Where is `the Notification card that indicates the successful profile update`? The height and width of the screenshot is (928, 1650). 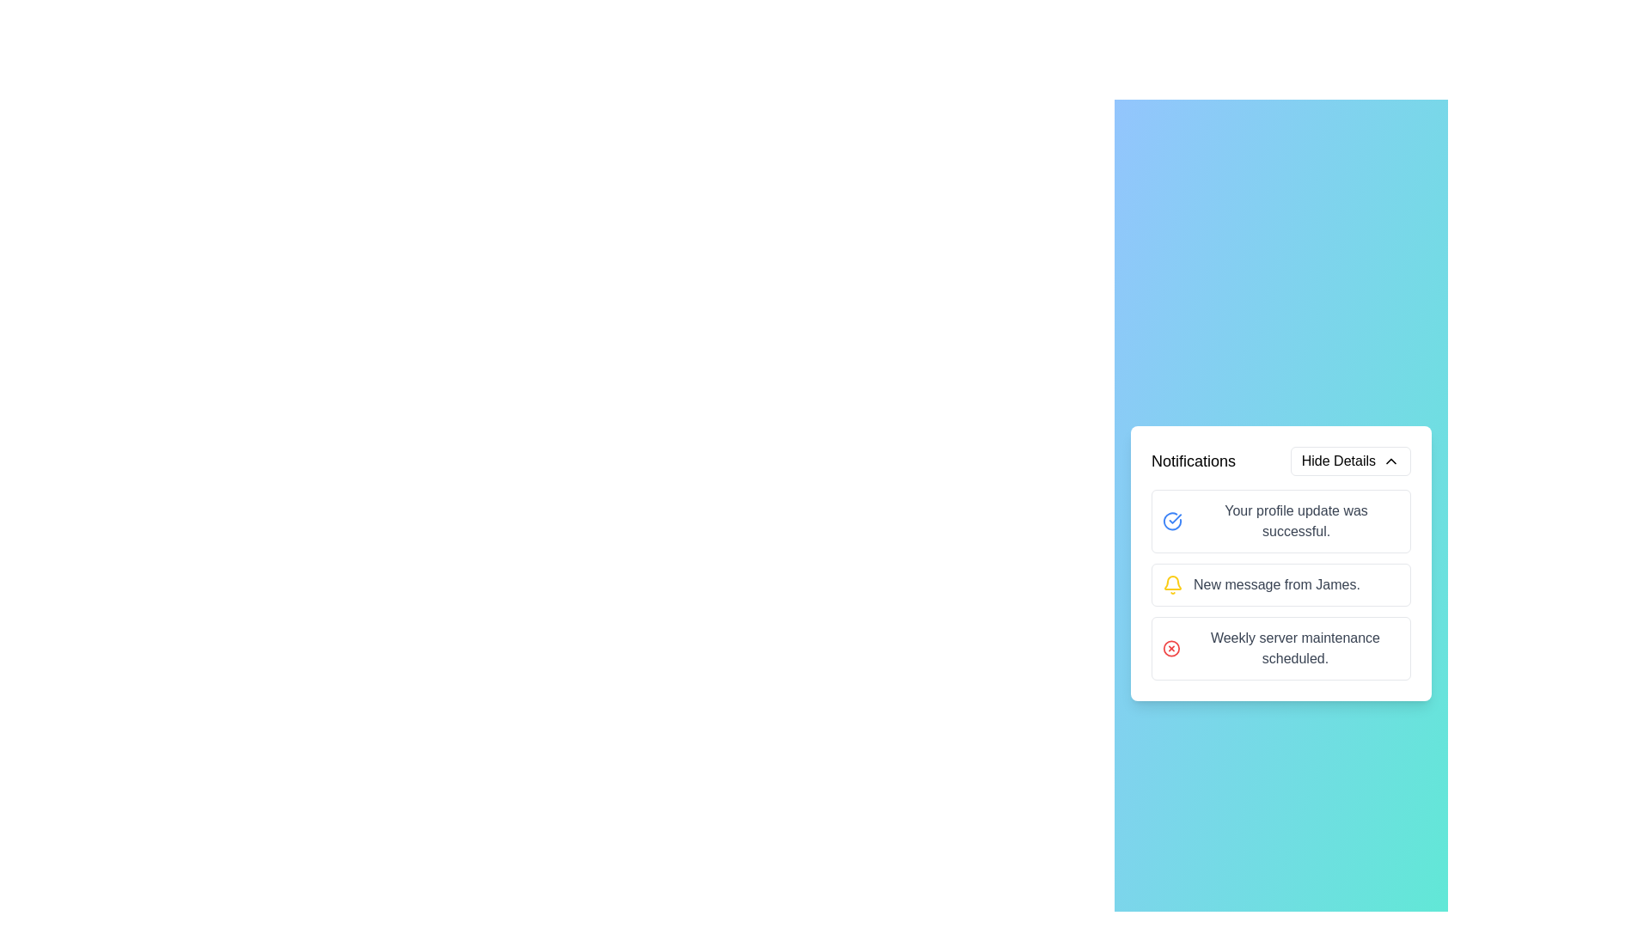 the Notification card that indicates the successful profile update is located at coordinates (1281, 520).